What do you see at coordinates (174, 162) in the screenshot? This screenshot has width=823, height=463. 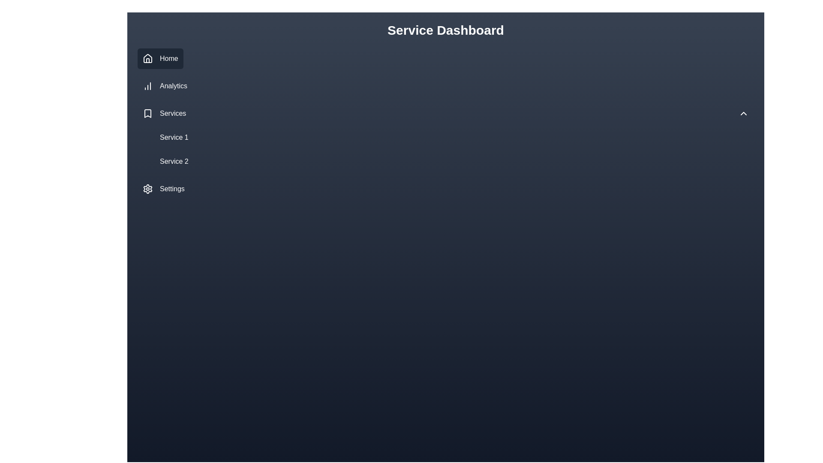 I see `the menu item labeled 'Service 2' in the sidebar navigation` at bounding box center [174, 162].